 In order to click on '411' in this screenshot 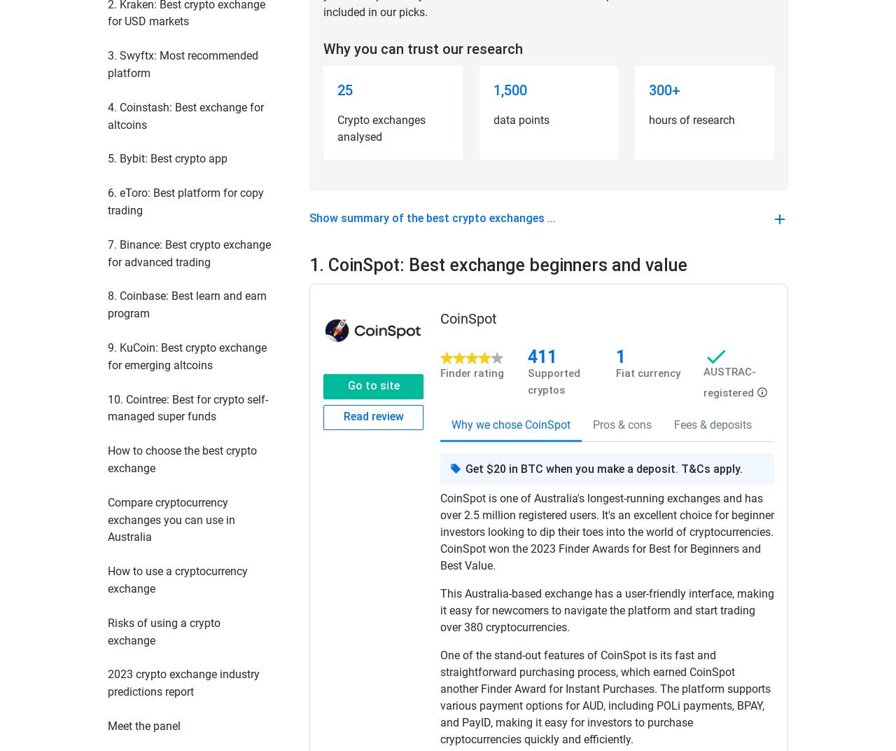, I will do `click(542, 357)`.